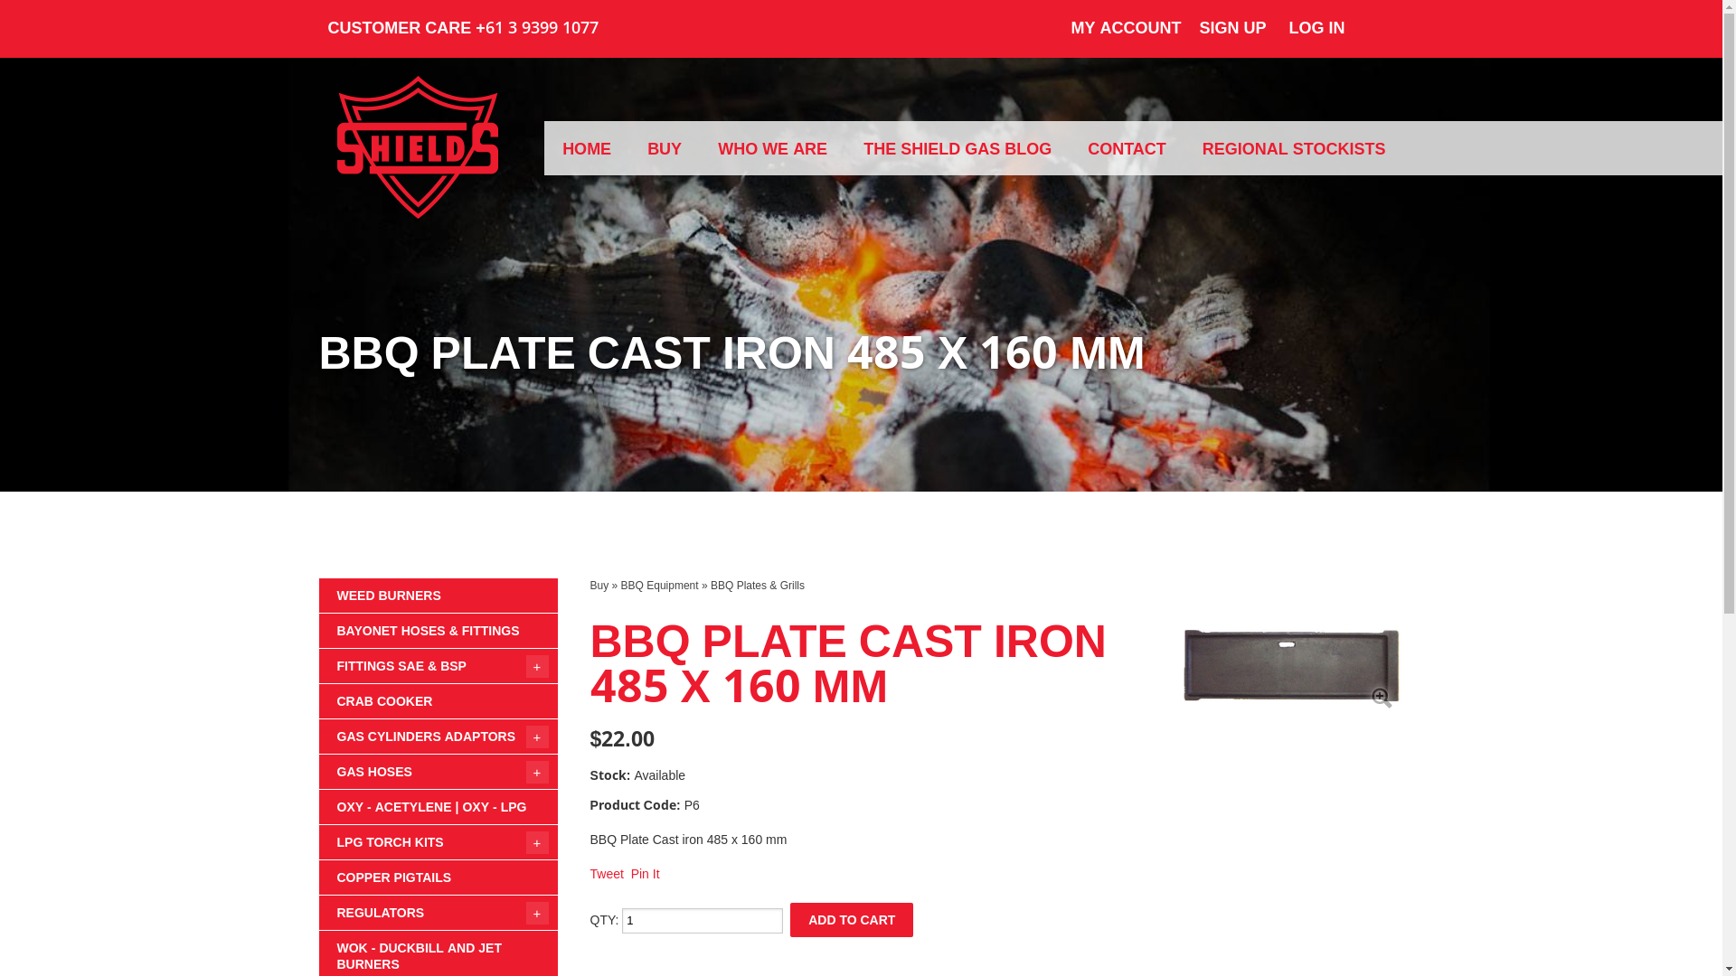 The height and width of the screenshot is (976, 1736). I want to click on 'REGULATORS', so click(438, 913).